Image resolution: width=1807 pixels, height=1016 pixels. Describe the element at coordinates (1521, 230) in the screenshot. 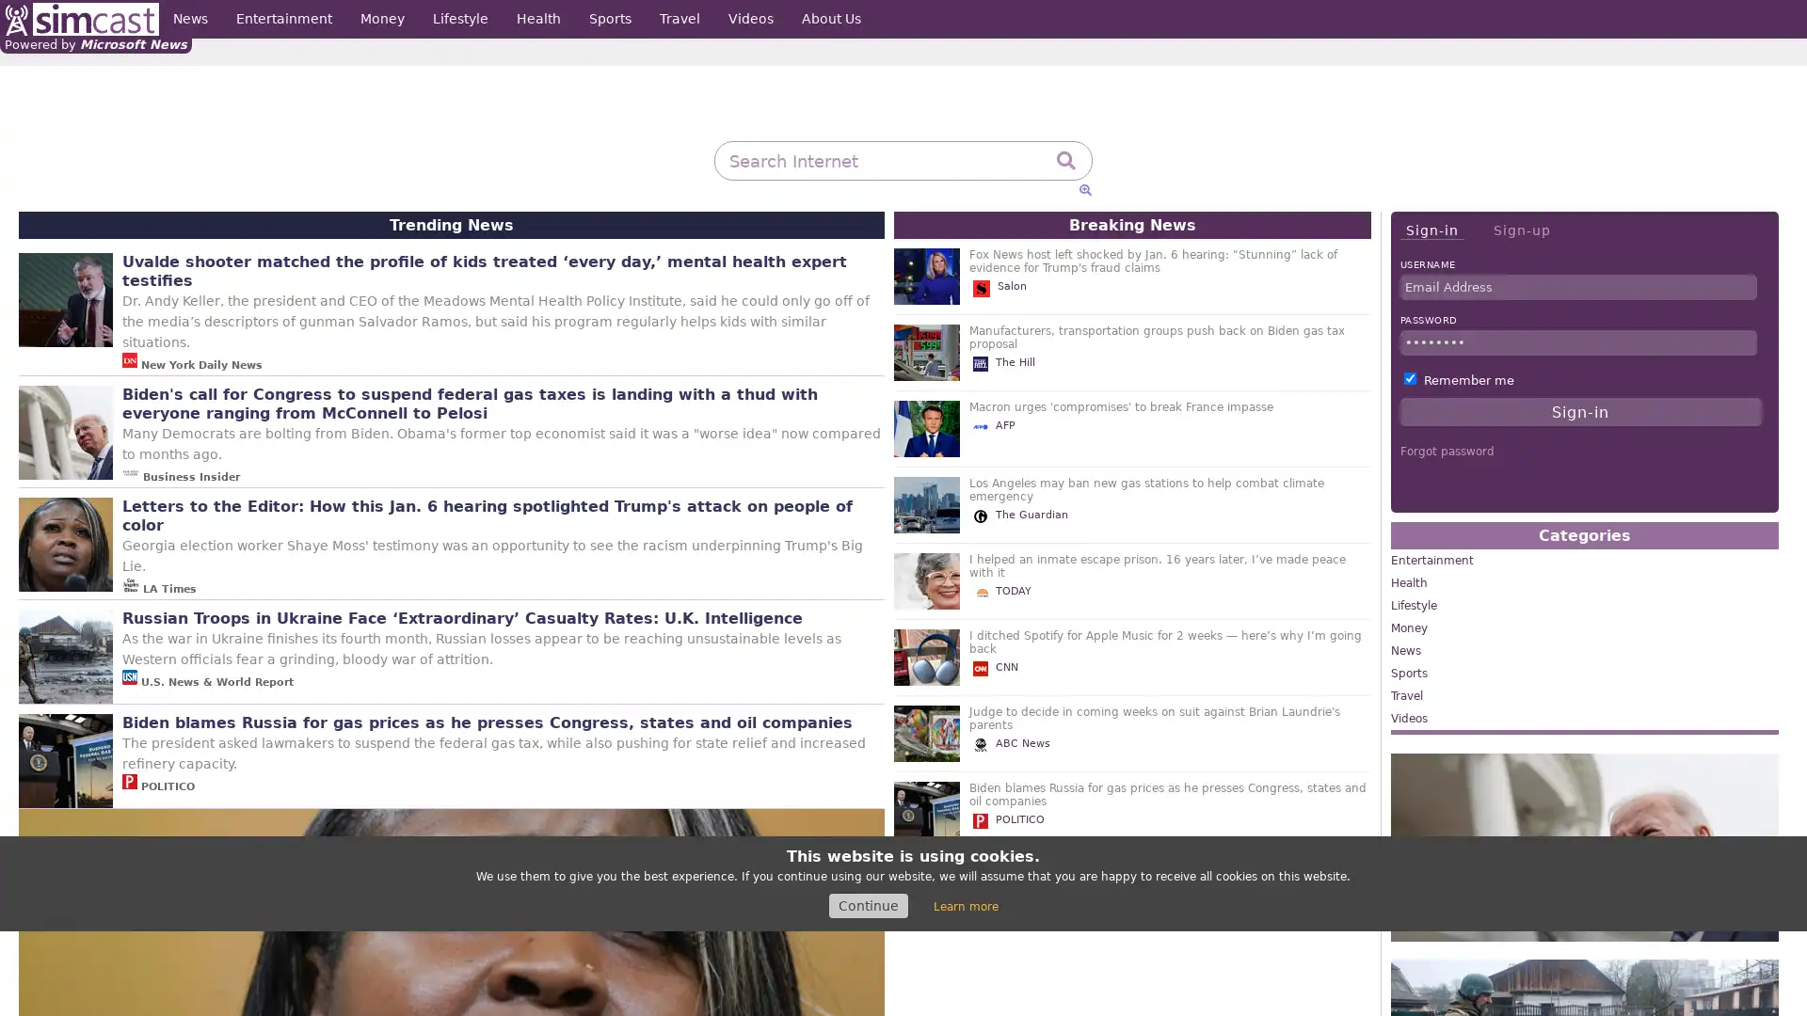

I see `Sign-up` at that location.